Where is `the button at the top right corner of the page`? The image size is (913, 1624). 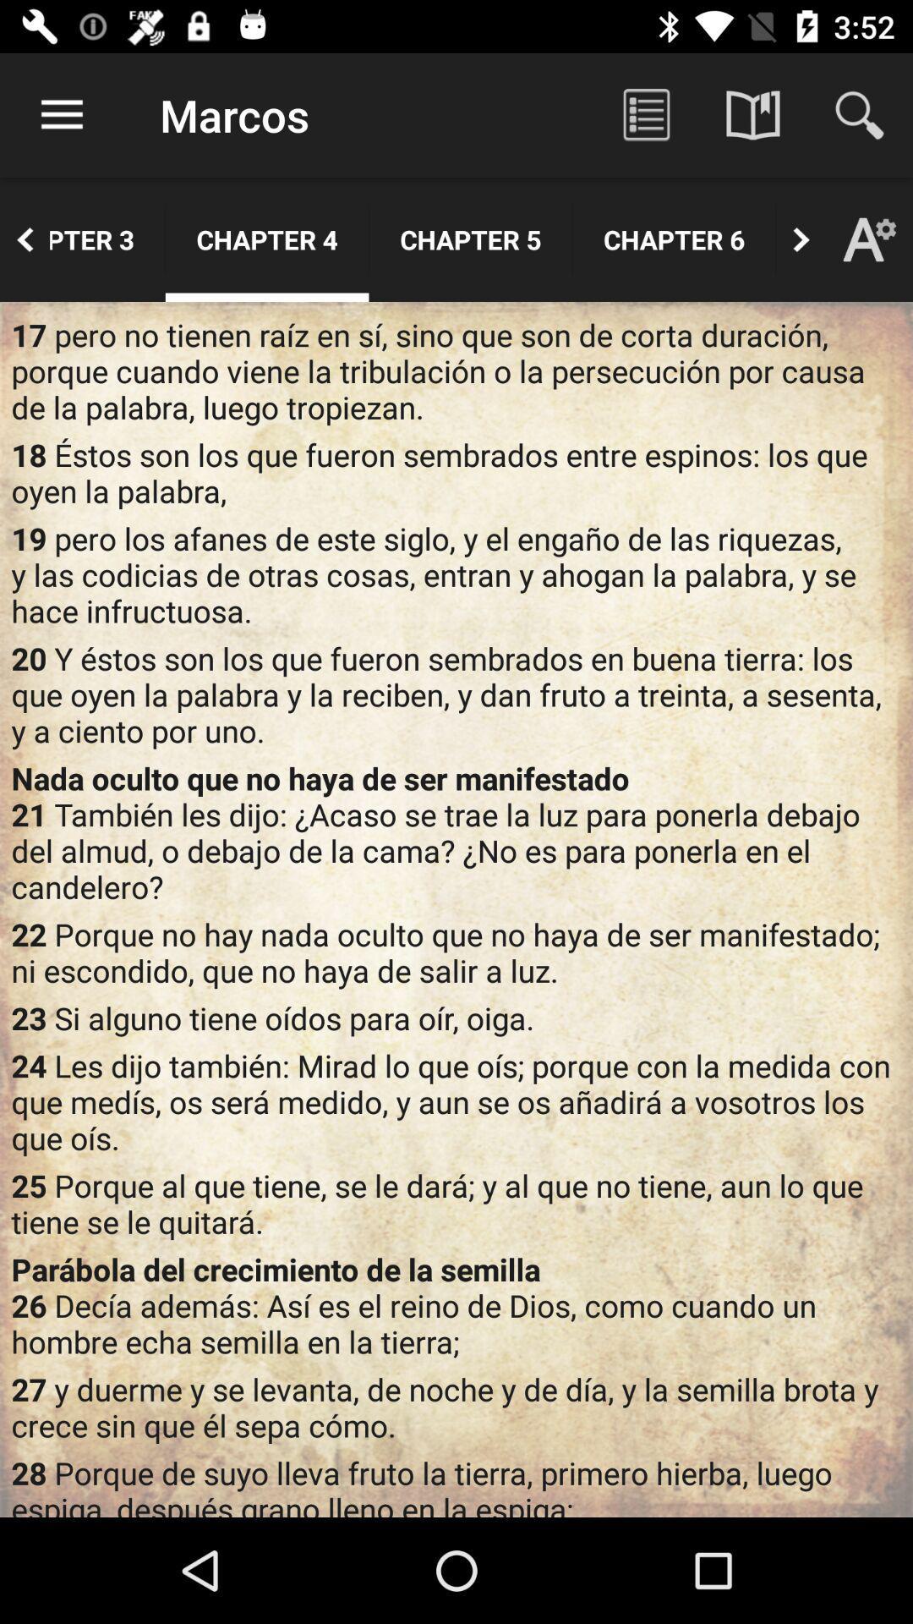 the button at the top right corner of the page is located at coordinates (860, 115).